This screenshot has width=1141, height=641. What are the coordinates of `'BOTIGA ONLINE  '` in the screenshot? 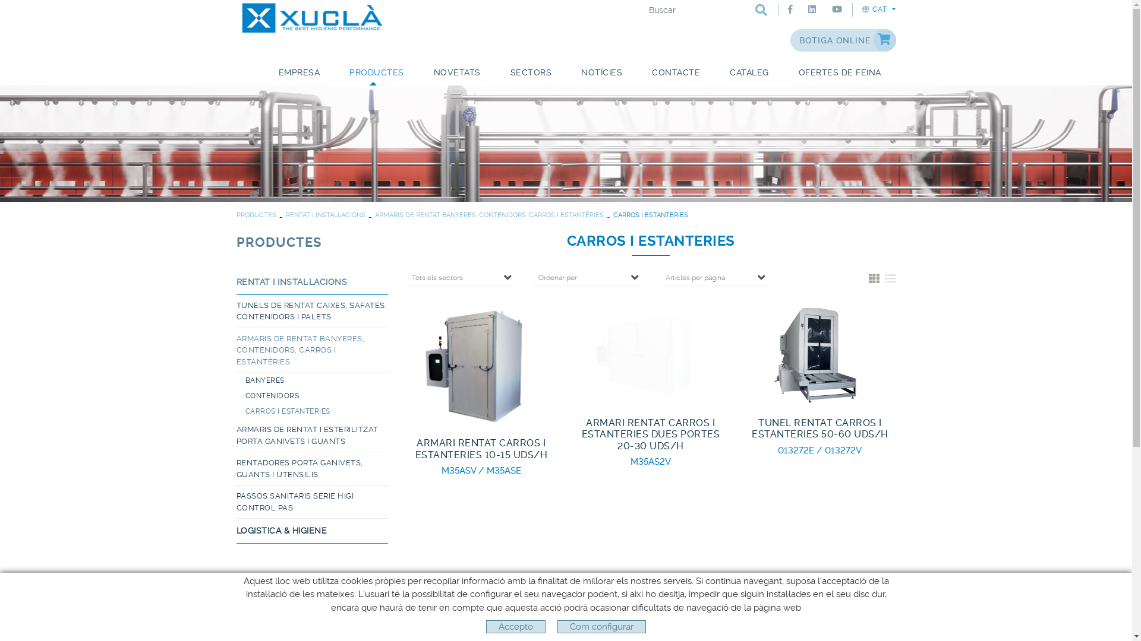 It's located at (790, 40).